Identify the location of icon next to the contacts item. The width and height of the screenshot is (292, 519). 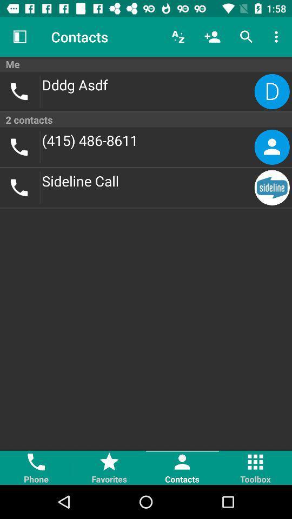
(178, 37).